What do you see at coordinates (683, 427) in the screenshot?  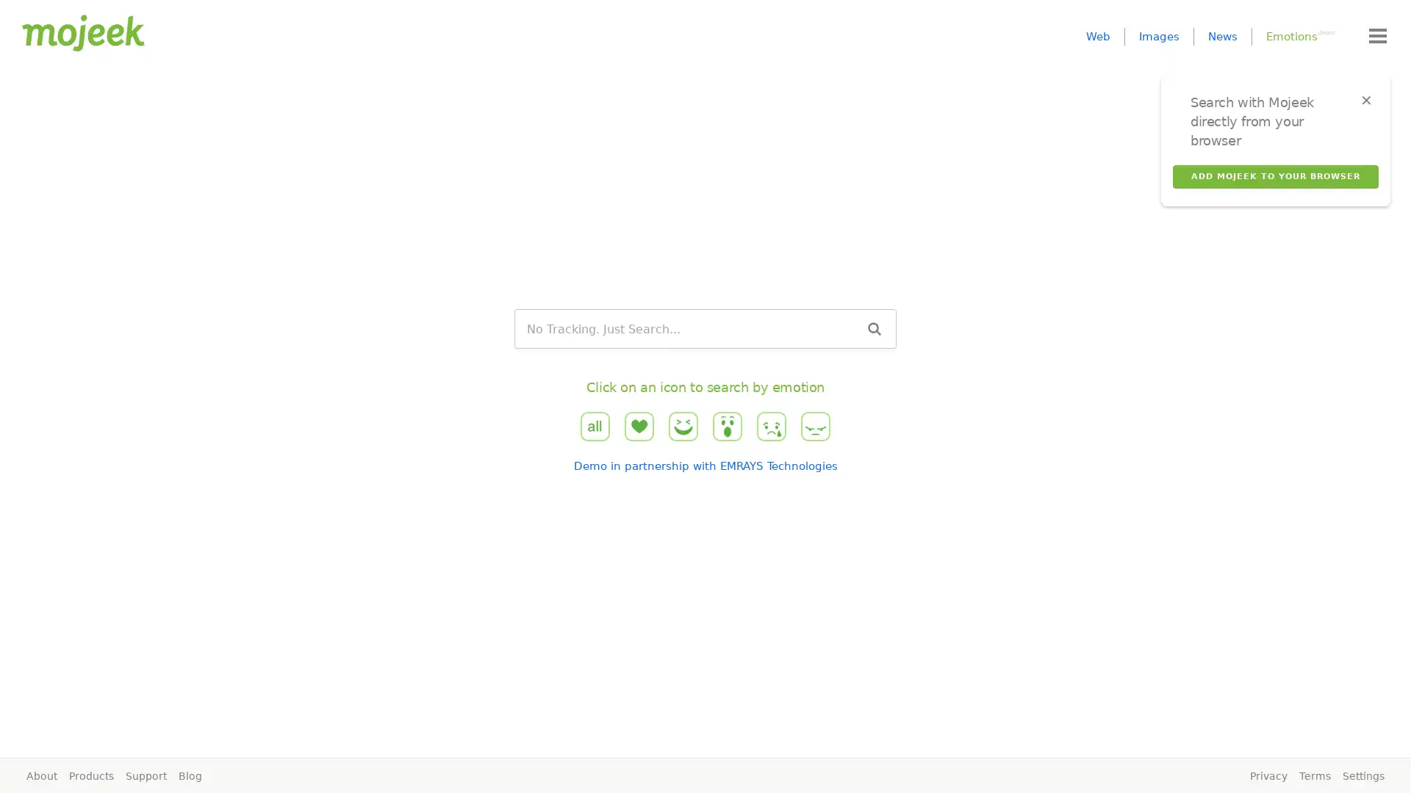 I see `haha` at bounding box center [683, 427].